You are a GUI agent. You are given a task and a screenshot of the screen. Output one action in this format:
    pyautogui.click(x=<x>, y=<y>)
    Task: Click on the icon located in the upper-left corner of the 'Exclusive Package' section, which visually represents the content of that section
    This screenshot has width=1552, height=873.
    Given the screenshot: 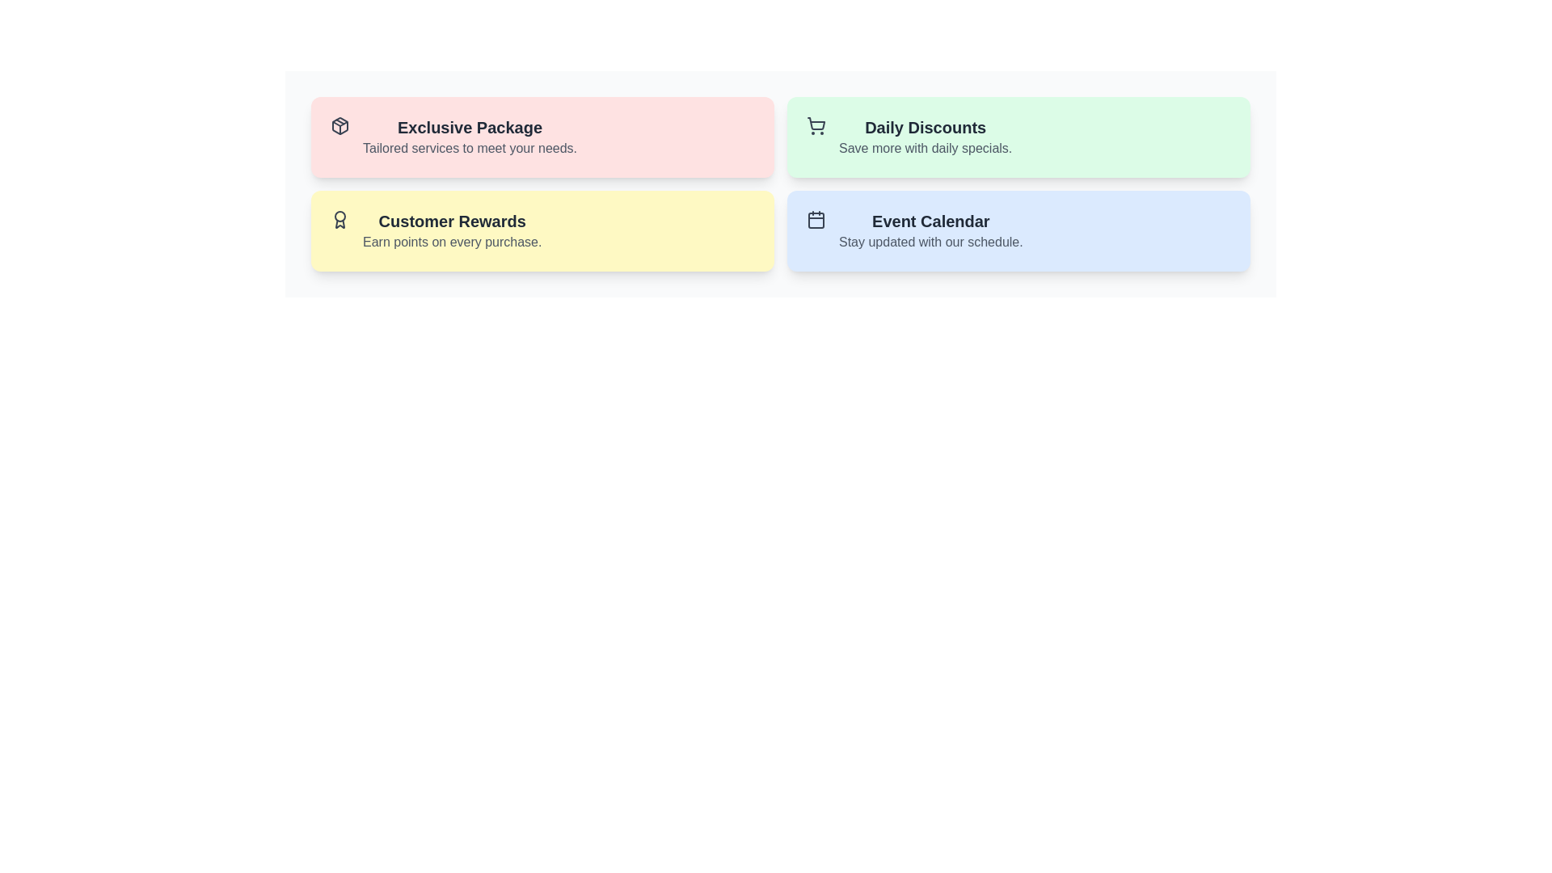 What is the action you would take?
    pyautogui.click(x=339, y=124)
    